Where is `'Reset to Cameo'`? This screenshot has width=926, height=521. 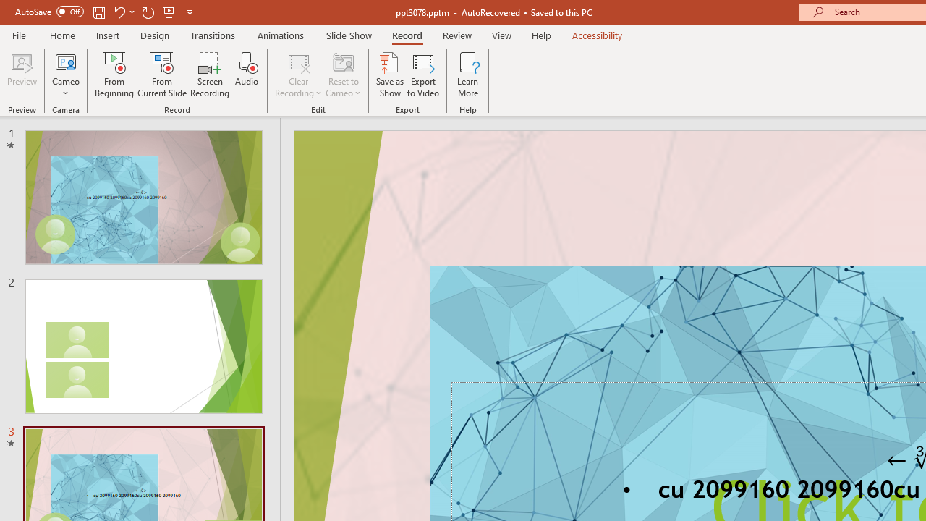
'Reset to Cameo' is located at coordinates (342, 75).